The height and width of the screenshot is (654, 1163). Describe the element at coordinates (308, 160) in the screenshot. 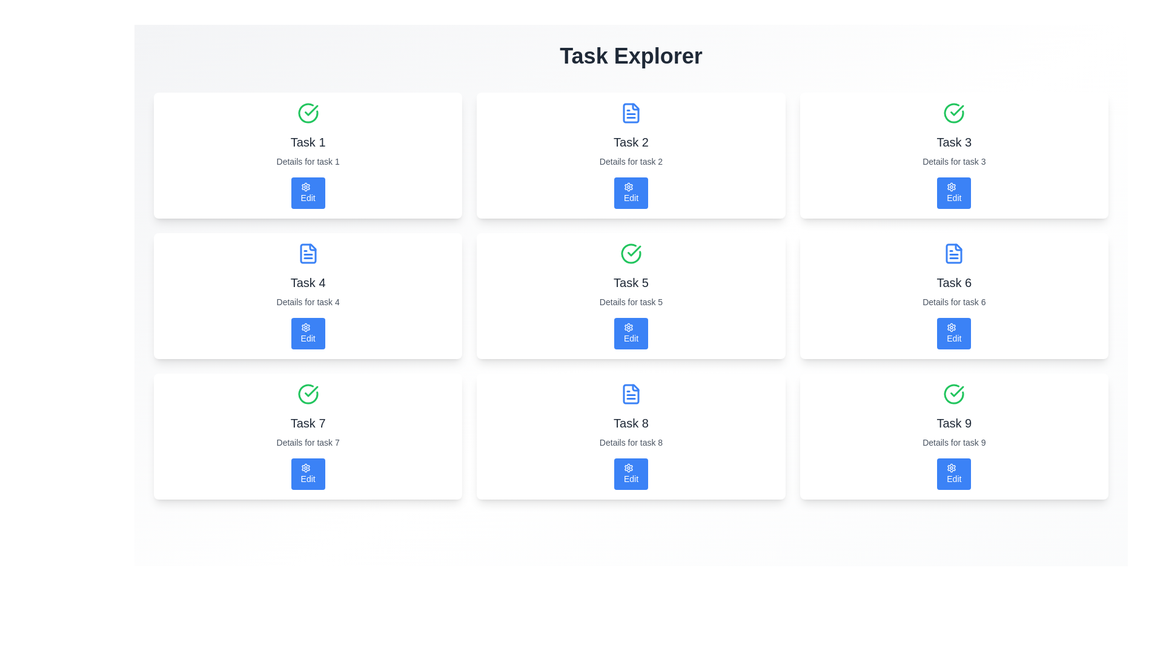

I see `the textual label styled in gray that contains the text 'Details for task 1', positioned below the title 'Task 1' and above the 'Edit' button within the card layout` at that location.